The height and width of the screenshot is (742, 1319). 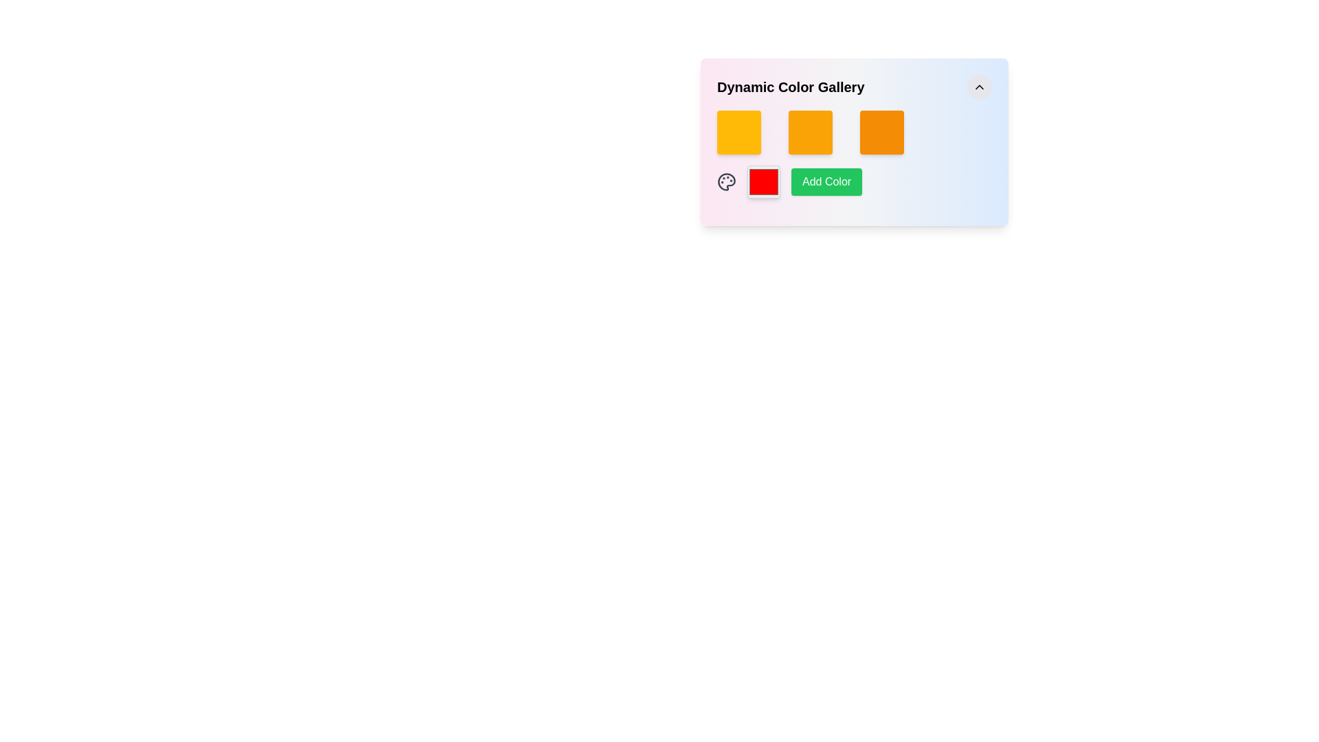 What do you see at coordinates (978, 87) in the screenshot?
I see `the chevron arrow icon located within the circular button at the top-right corner of the 'Dynamic Color Gallery' card to trigger potential visual feedback` at bounding box center [978, 87].